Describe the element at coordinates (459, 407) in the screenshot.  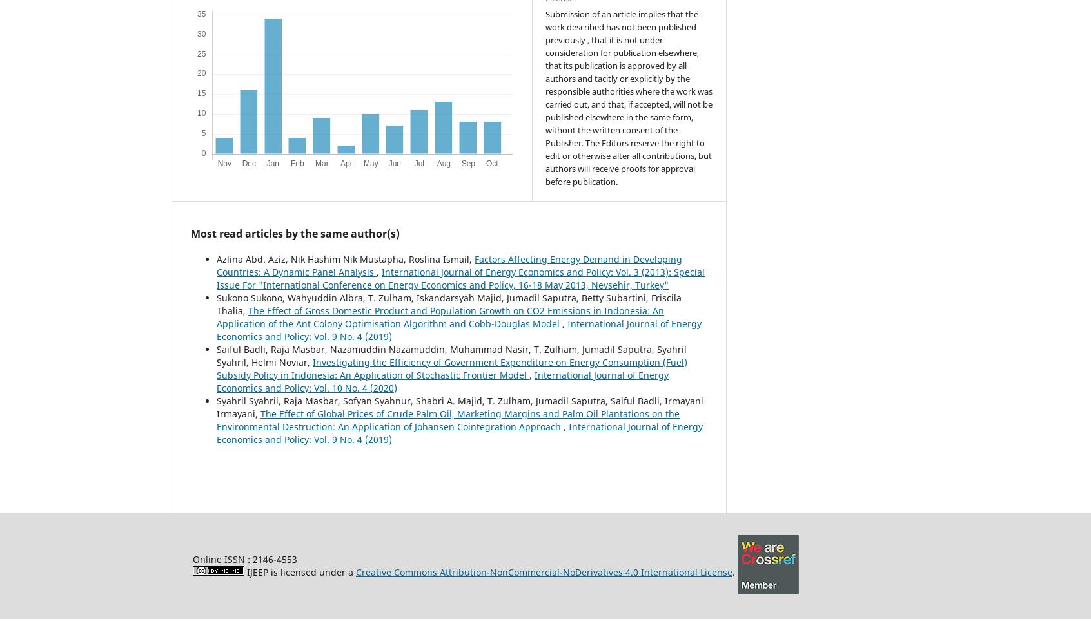
I see `'Syahril Syahril,
													Raja Masbar,
													Sofyan Syahnur,
													Shabri A. Majid,
													T. Zulham,
													Jumadil Saputra,
													Saiful Badli,
													Irmayani Irmayani,'` at that location.